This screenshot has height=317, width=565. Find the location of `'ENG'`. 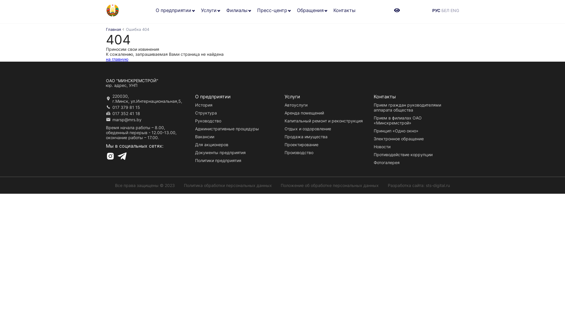

'ENG' is located at coordinates (454, 10).